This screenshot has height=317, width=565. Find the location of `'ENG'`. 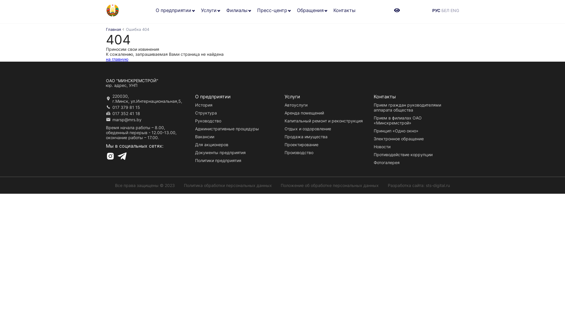

'ENG' is located at coordinates (454, 10).